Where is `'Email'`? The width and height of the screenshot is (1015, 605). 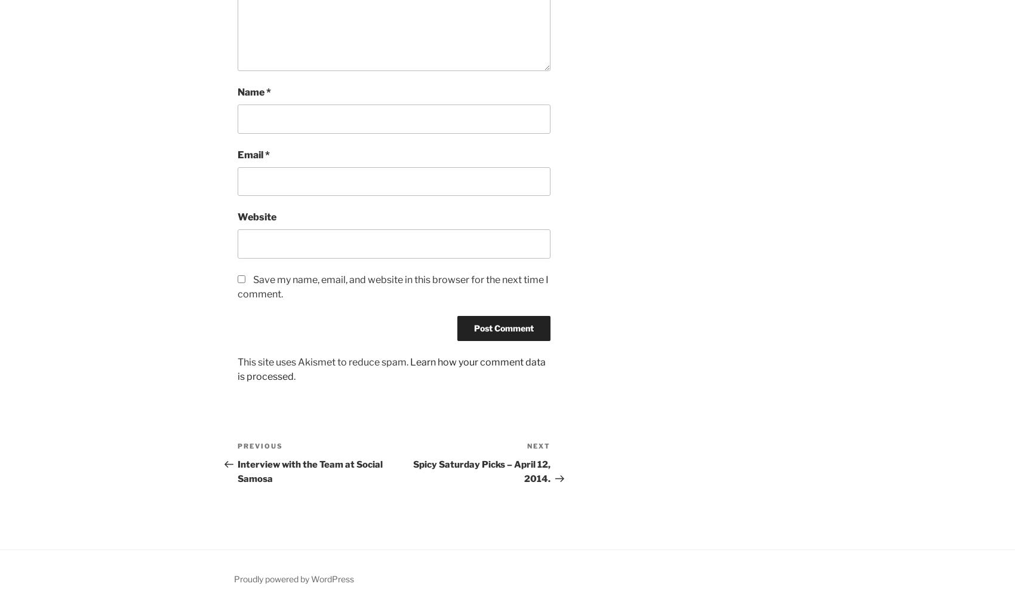 'Email' is located at coordinates (250, 153).